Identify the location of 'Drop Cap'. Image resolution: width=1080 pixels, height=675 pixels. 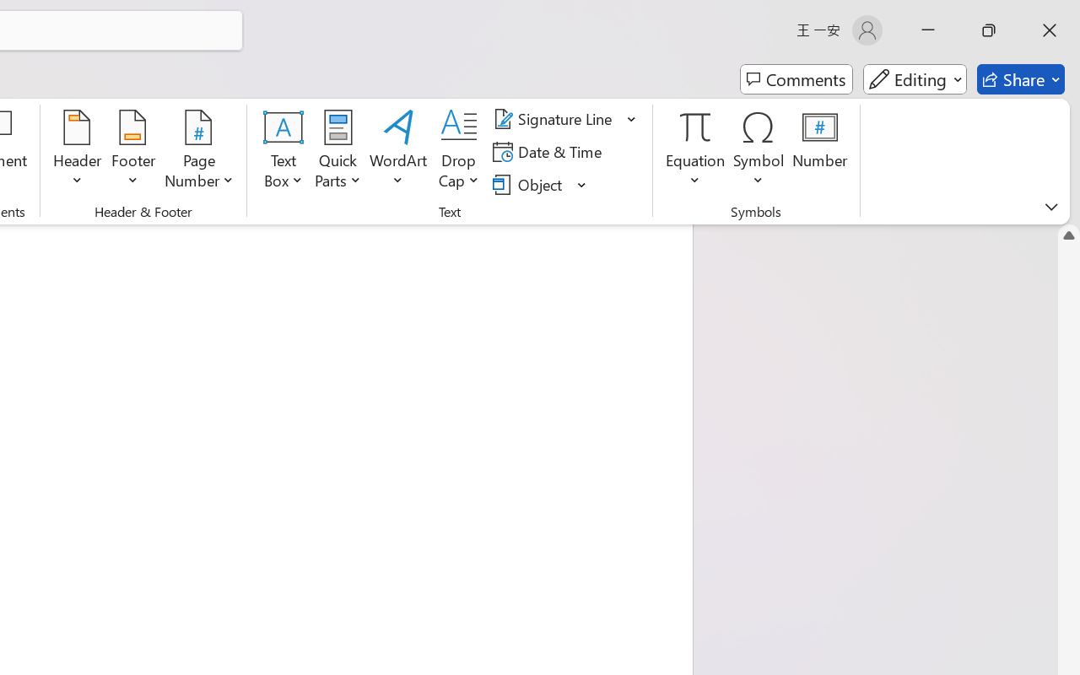
(459, 151).